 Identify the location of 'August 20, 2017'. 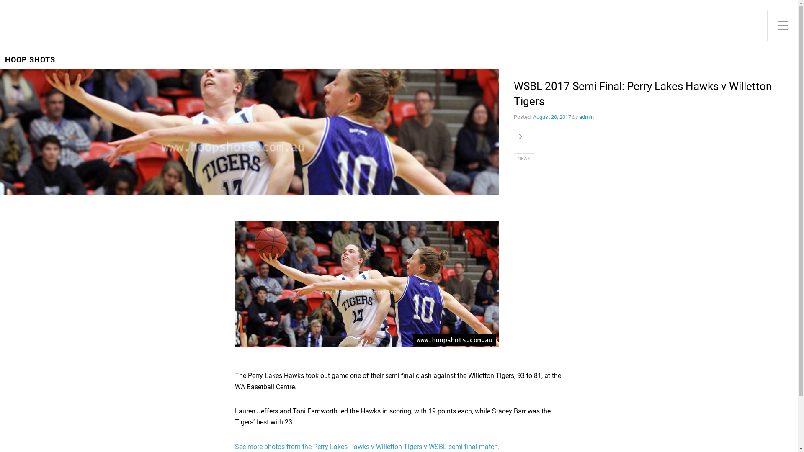
(552, 117).